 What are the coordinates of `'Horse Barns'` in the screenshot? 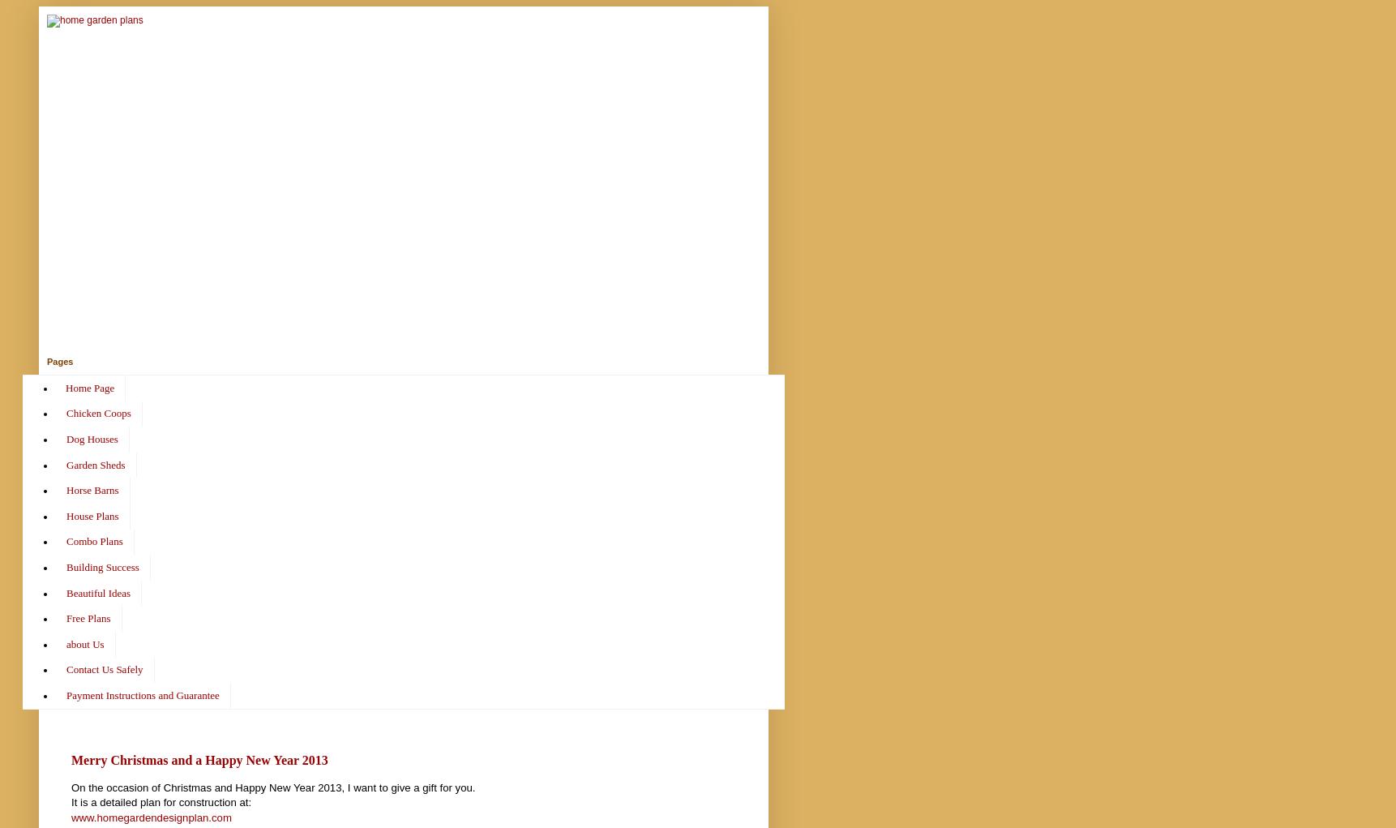 It's located at (65, 490).